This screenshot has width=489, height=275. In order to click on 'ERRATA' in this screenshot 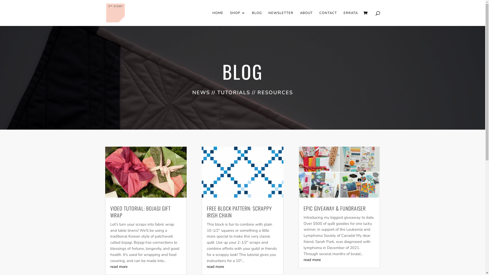, I will do `click(350, 18)`.